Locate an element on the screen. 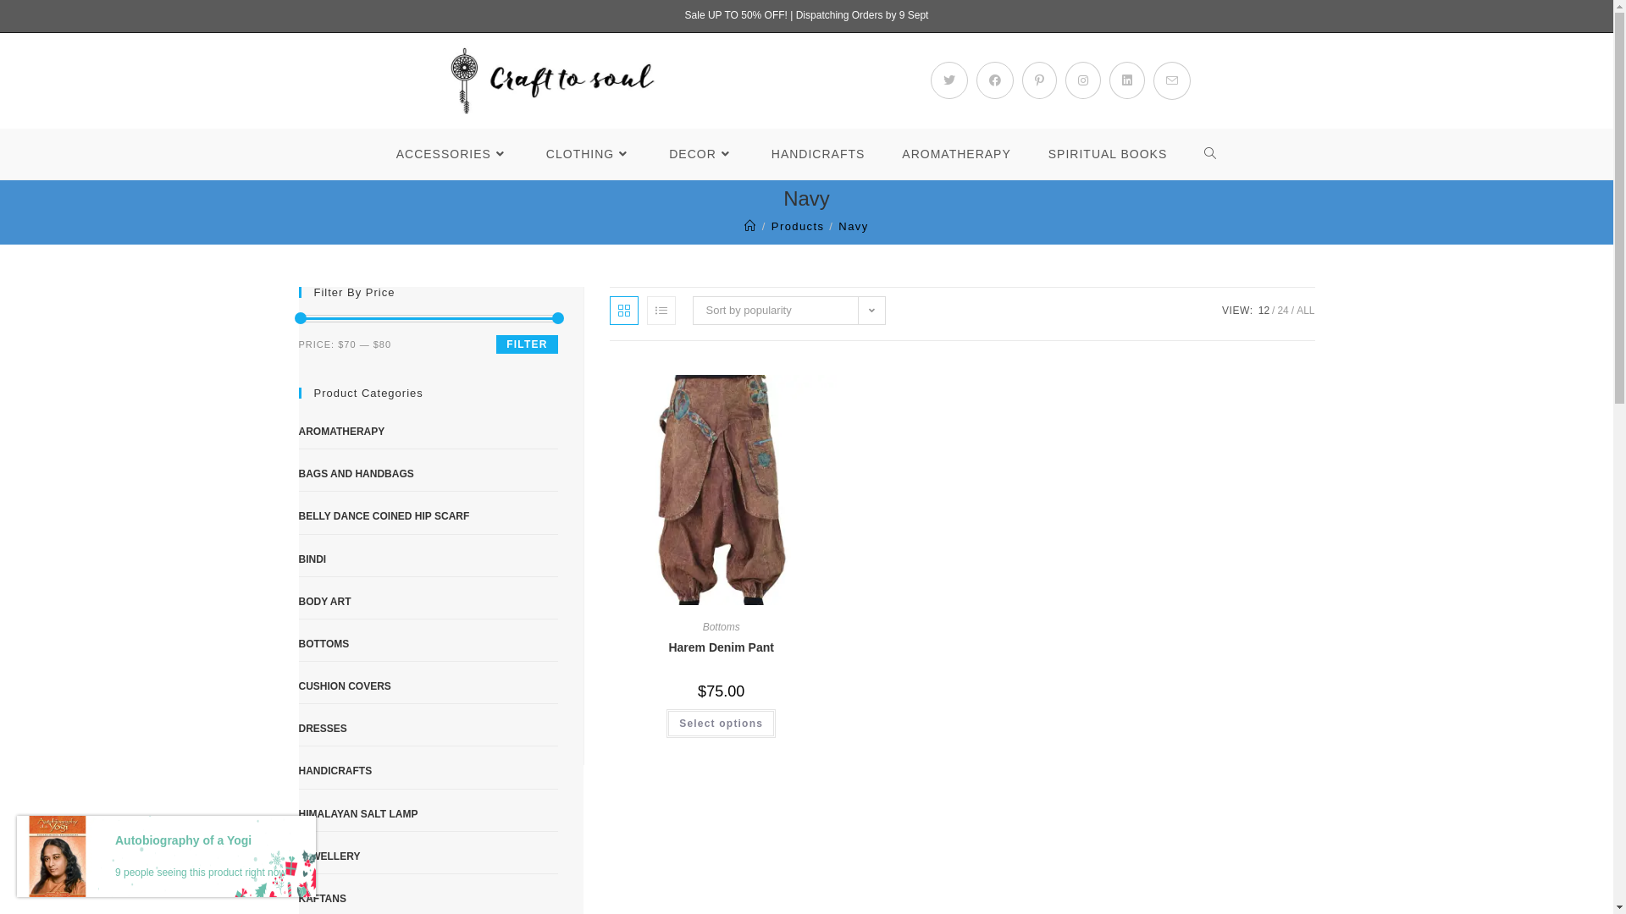  'Navy' is located at coordinates (853, 225).